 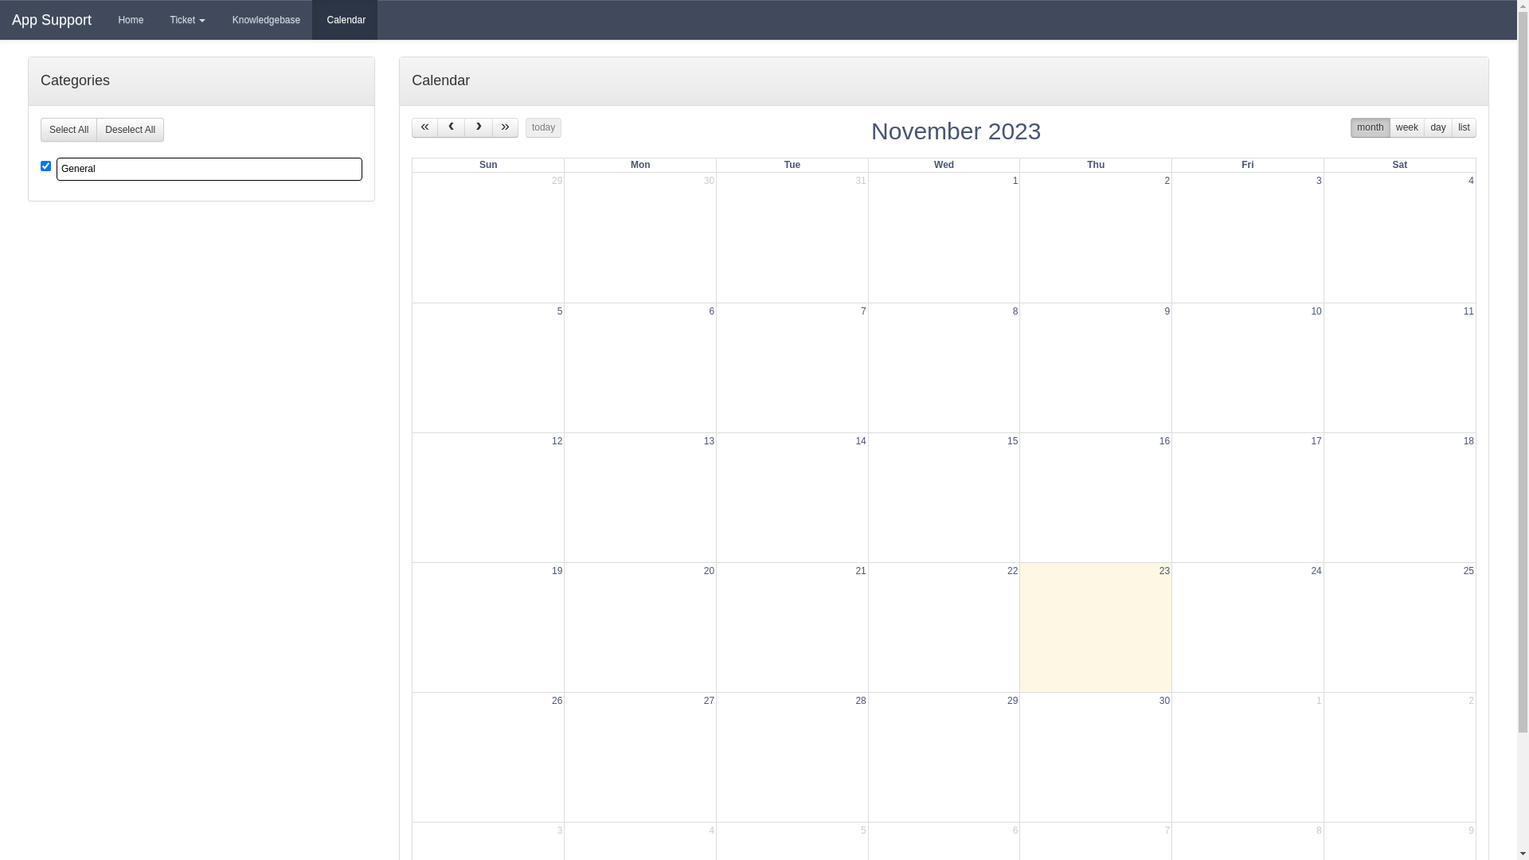 I want to click on 'day', so click(x=1437, y=127).